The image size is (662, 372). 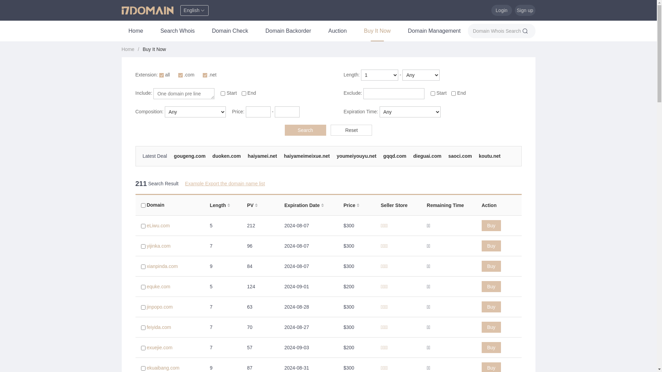 I want to click on 'eLiwu.com', so click(x=158, y=226).